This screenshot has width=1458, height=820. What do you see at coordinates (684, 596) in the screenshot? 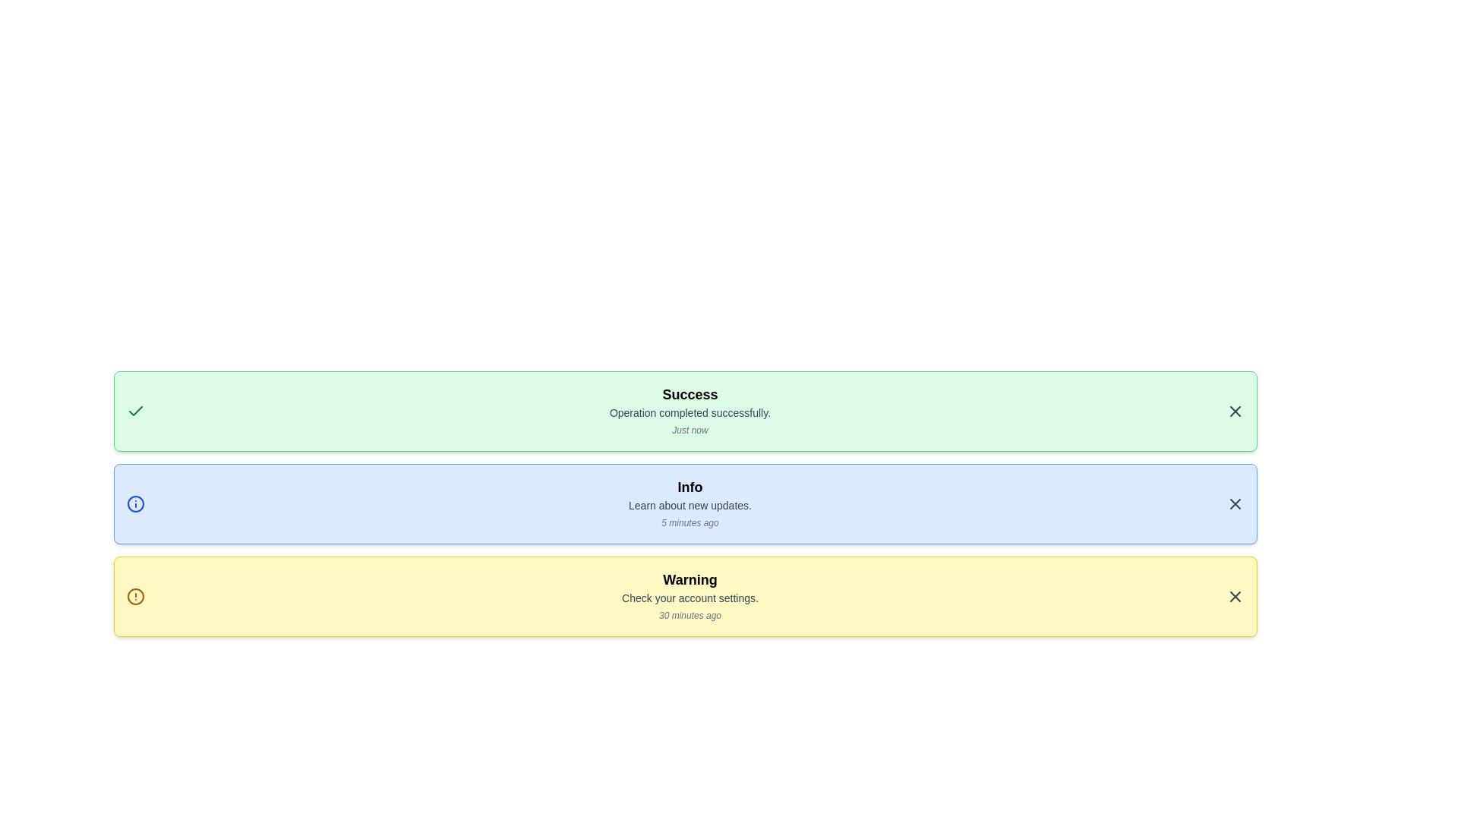
I see `the notification content for warning type` at bounding box center [684, 596].